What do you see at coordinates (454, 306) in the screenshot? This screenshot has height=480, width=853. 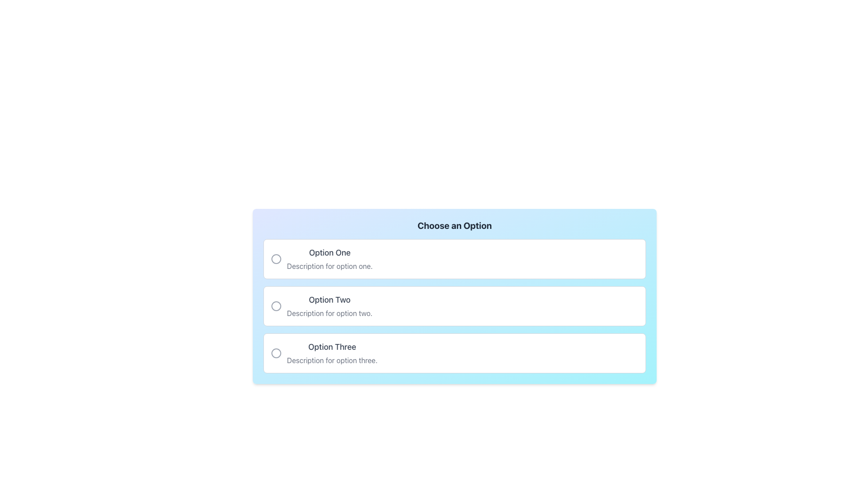 I see `to select the second option in the vertically stacked list located between 'Option One' and 'Option Three'` at bounding box center [454, 306].